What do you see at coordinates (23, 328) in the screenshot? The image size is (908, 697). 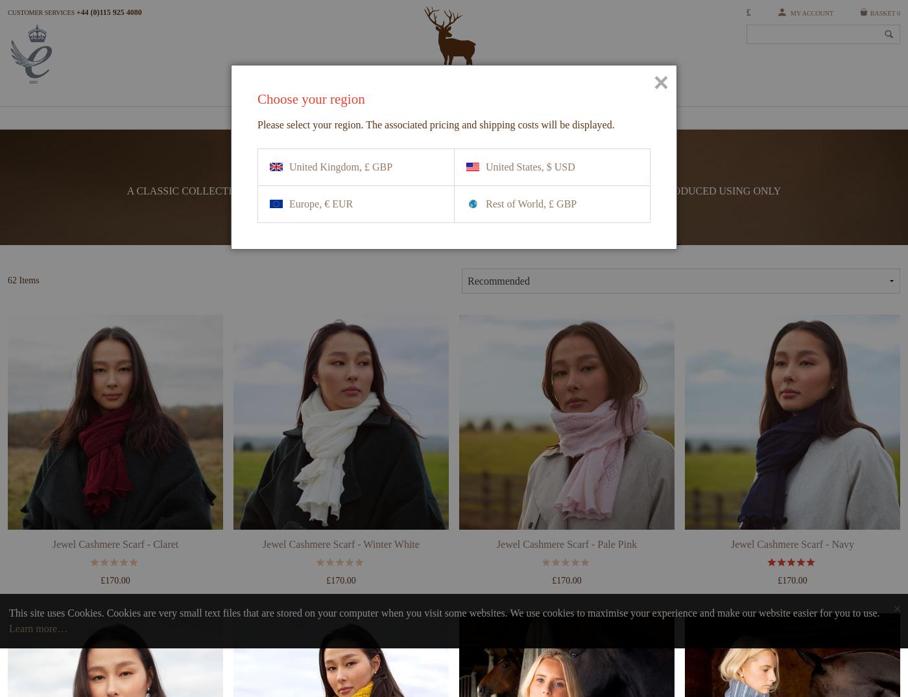 I see `'62 Items'` at bounding box center [23, 328].